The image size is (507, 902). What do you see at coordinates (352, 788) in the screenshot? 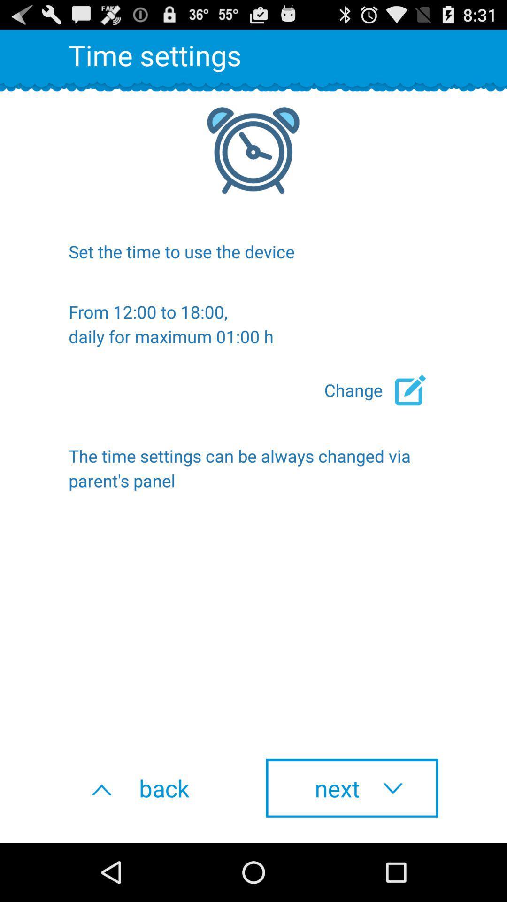
I see `the icon next to the back button` at bounding box center [352, 788].